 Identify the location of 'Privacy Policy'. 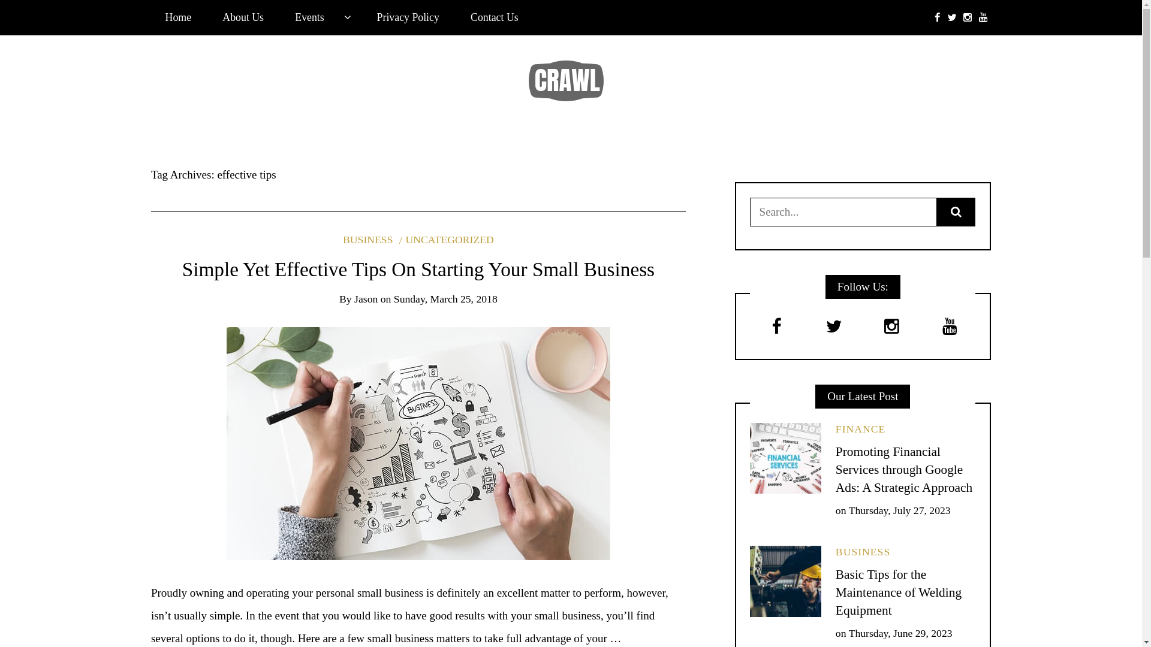
(408, 17).